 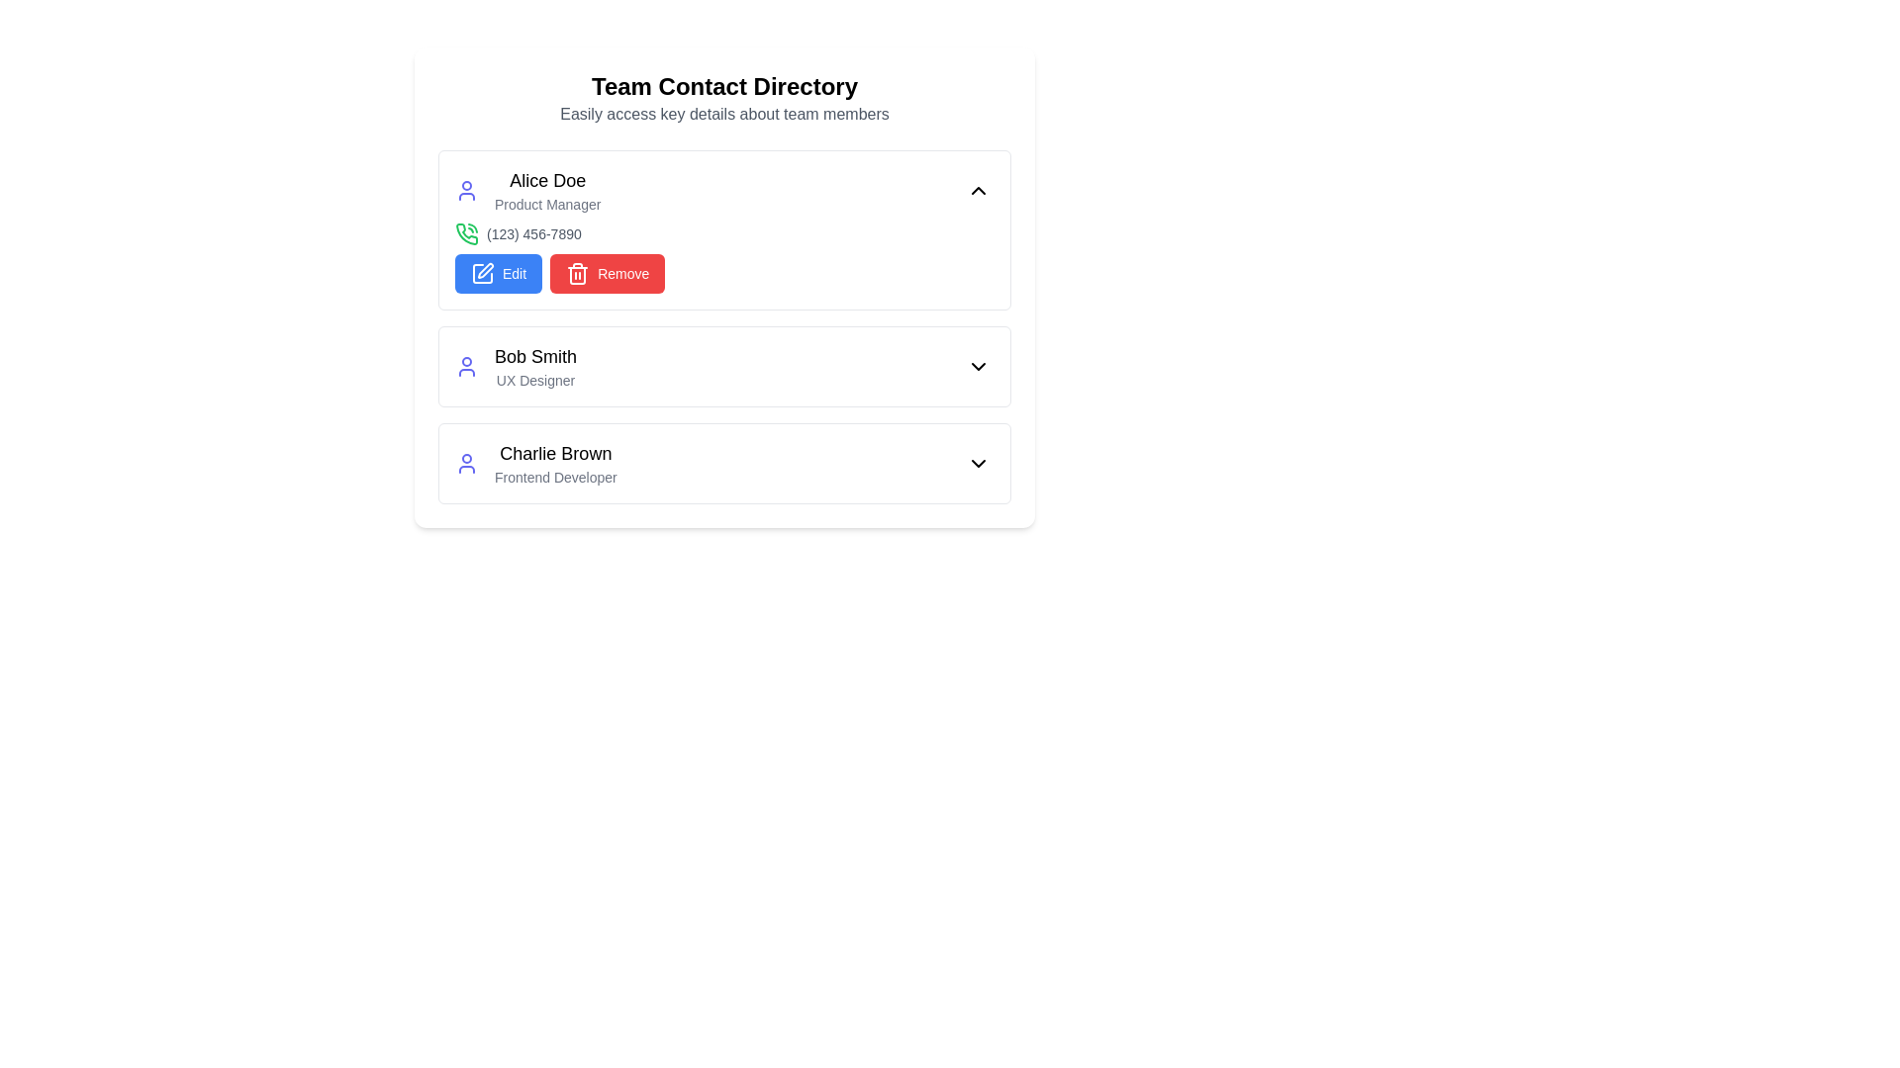 I want to click on the SVG Icon representing user 'Alice Doe' located within their contact card, positioned to the left of the textual information, so click(x=465, y=190).